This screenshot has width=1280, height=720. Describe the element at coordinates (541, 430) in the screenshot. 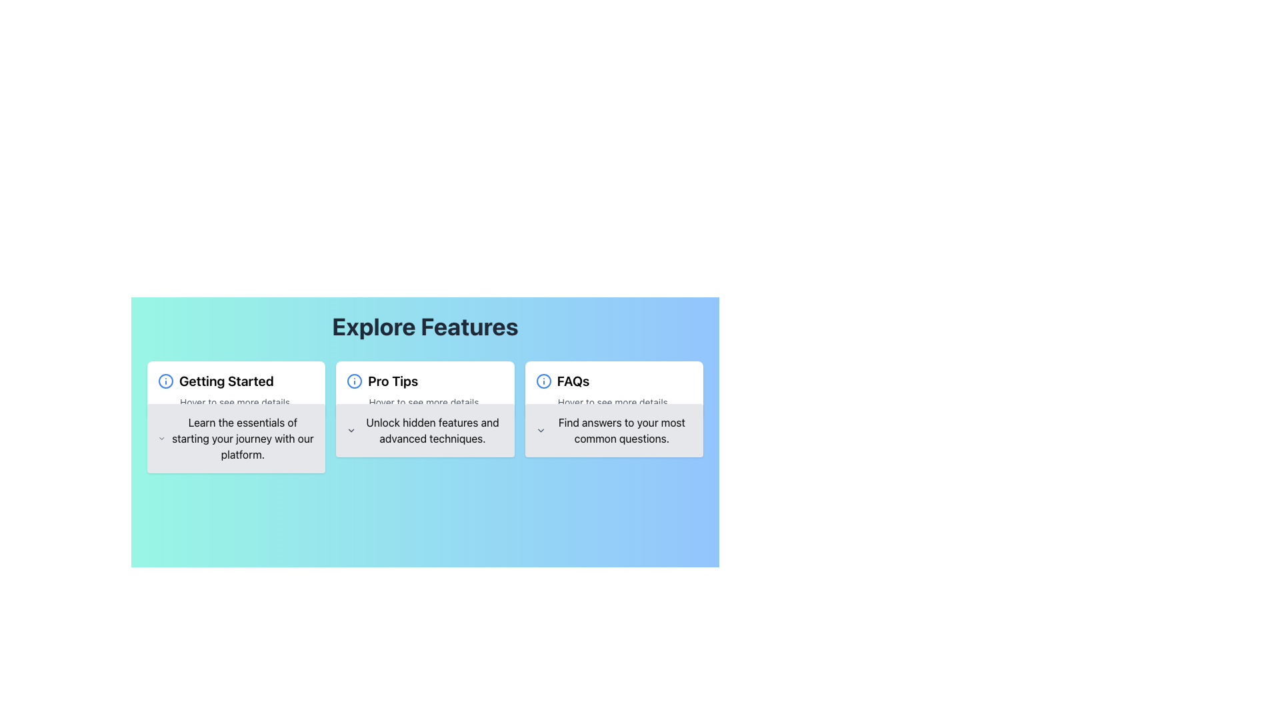

I see `the chevron icon located to the left of the descriptive text in the 'FAQs' card, which is the third card in the horizontal list under 'Explore Features'` at that location.